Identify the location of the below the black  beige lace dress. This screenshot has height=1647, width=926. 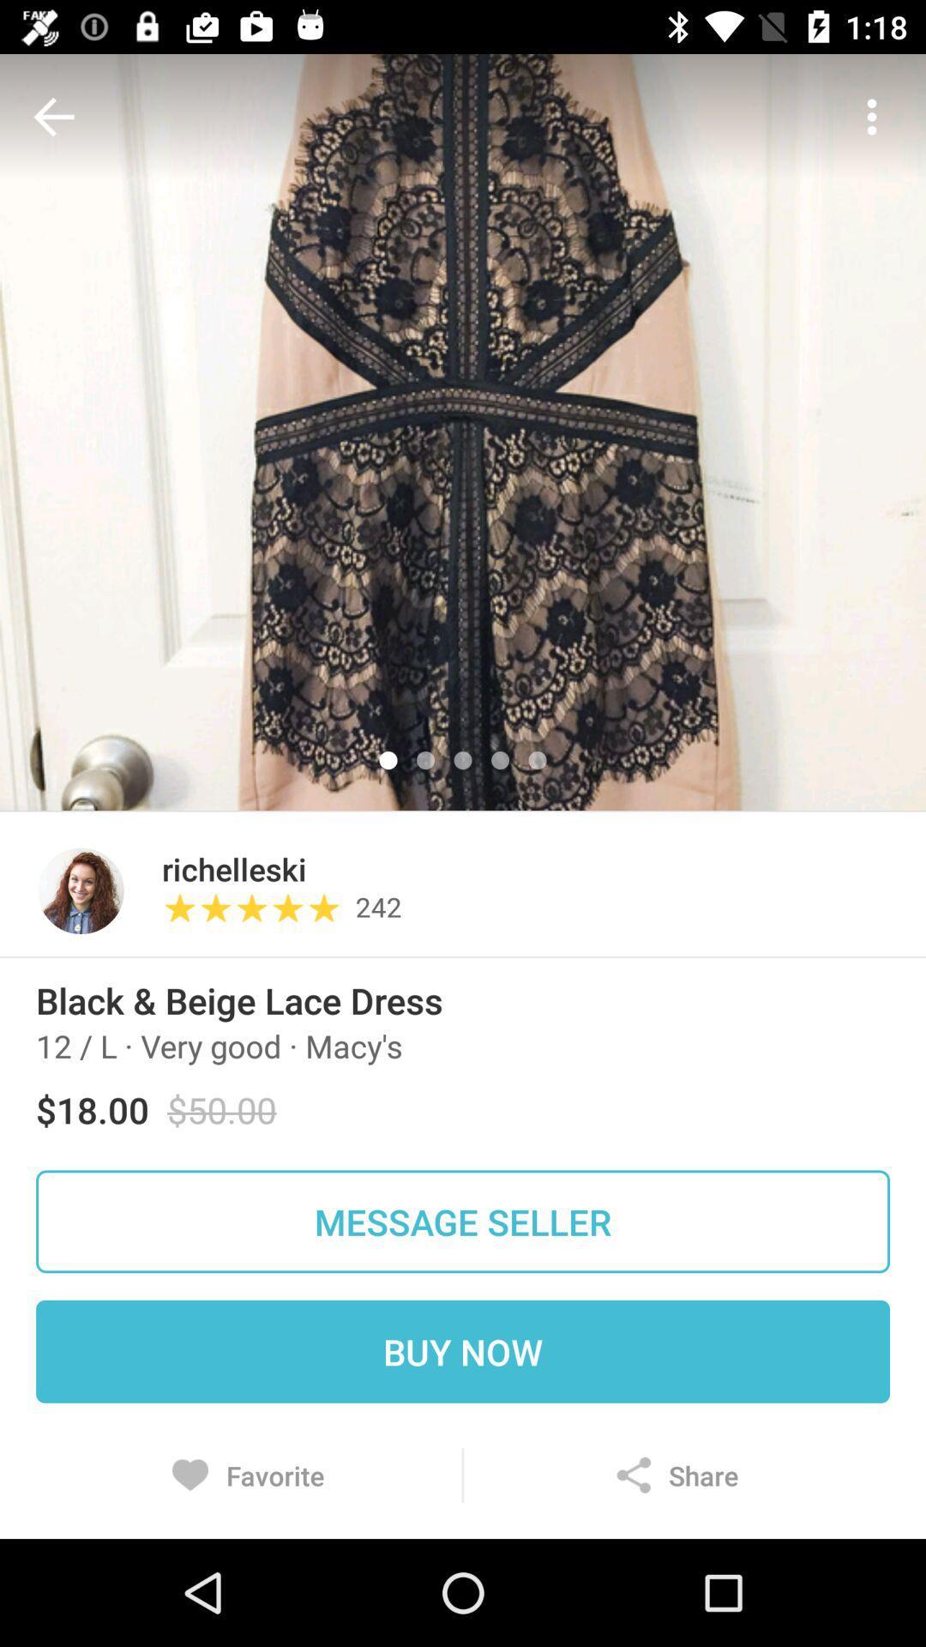
(218, 1045).